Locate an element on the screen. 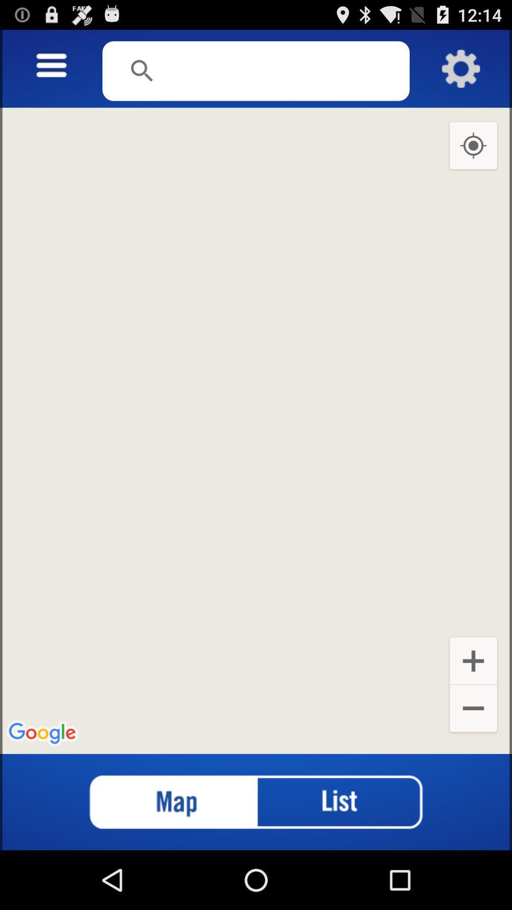 The image size is (512, 910). the add icon is located at coordinates (473, 706).